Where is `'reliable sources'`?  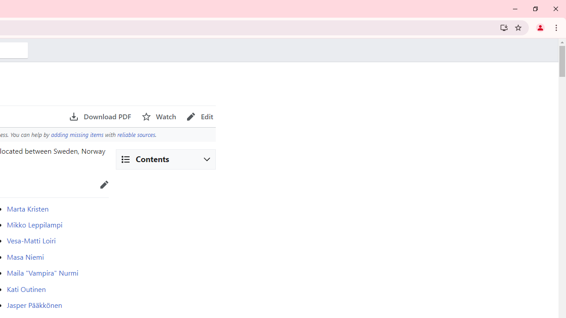
'reliable sources' is located at coordinates (135, 134).